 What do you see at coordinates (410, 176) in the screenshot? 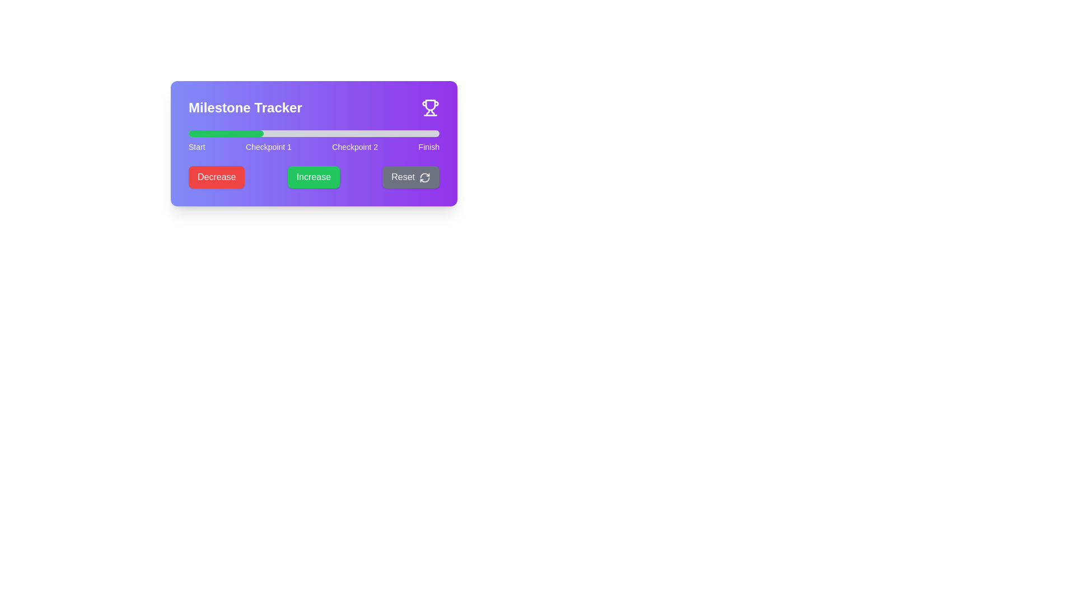
I see `the rightmost button in the horizontal row of three buttons, located below the progress bar labeled with 'Start', 'Checkpoint 1', 'Checkpoint 2', and 'Finish', to reset the state or value` at bounding box center [410, 176].